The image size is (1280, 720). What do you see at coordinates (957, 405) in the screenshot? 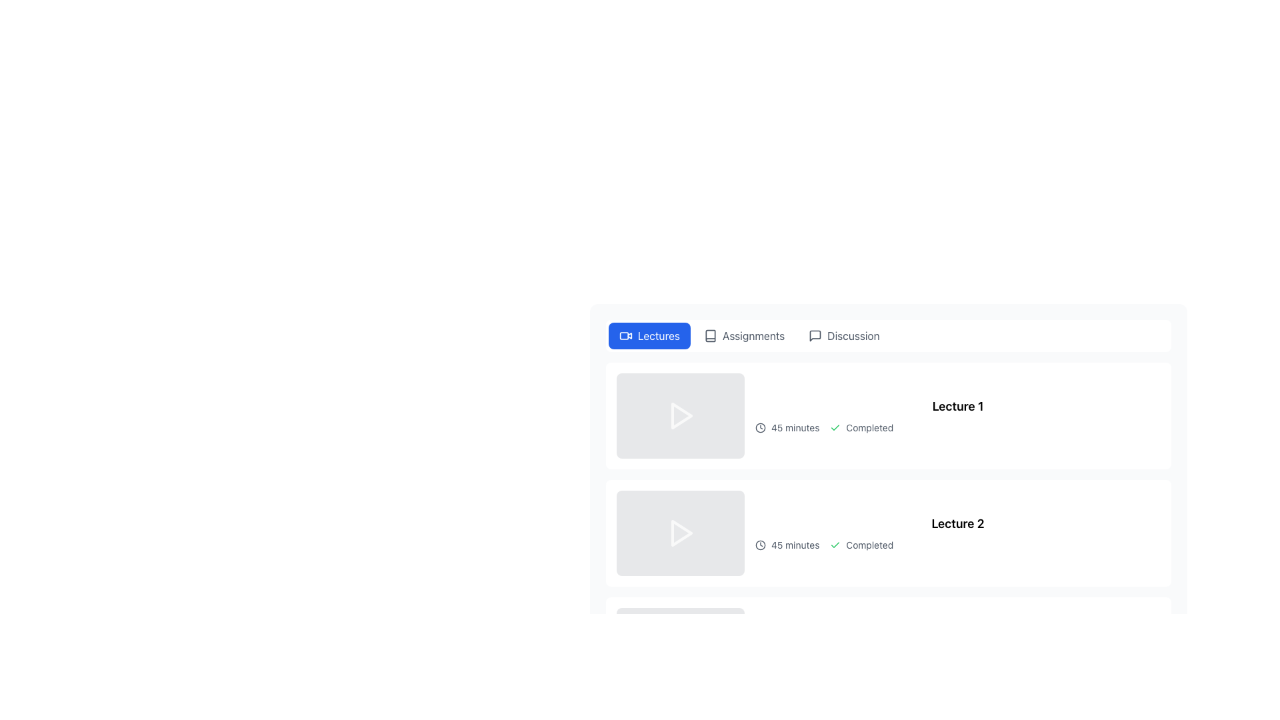
I see `text label that displays the title of the lecture, located at the top section of the content list, to gather information about the associated lecture details` at bounding box center [957, 405].